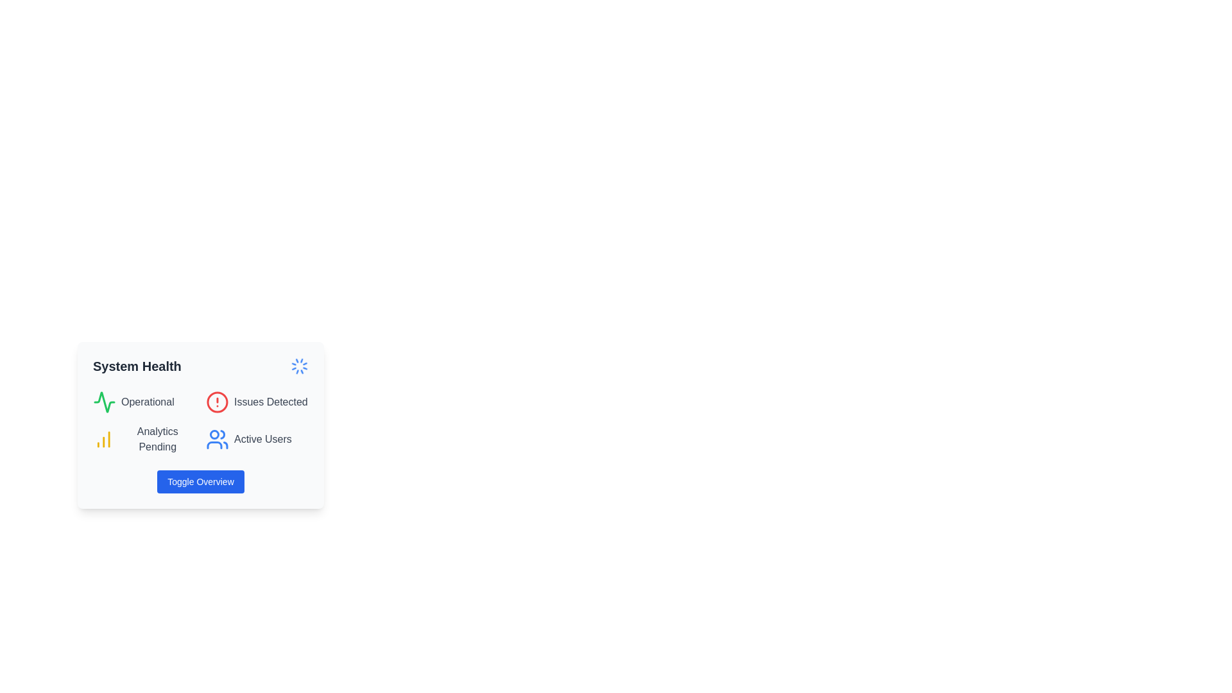 This screenshot has height=693, width=1232. I want to click on the 'System Health' label with the spinning blue circular icon for accessibility, so click(200, 366).